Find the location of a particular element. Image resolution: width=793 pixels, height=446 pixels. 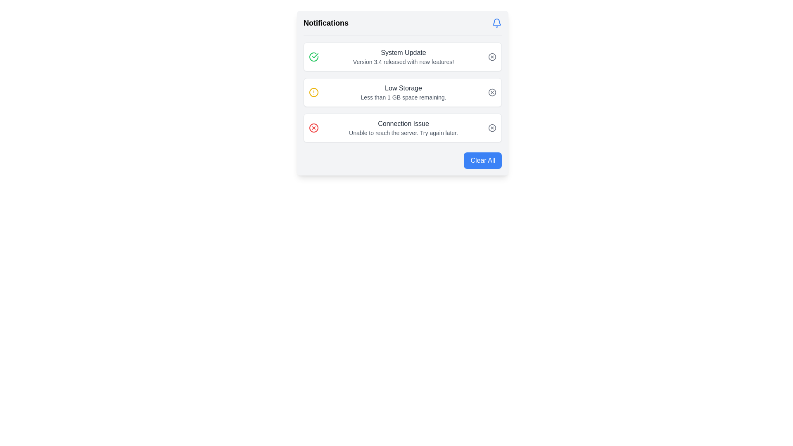

the 'Low Storage' static text label element, which is displayed in a medium-size gray font within a notification card, located in the second row of notifications is located at coordinates (404, 88).